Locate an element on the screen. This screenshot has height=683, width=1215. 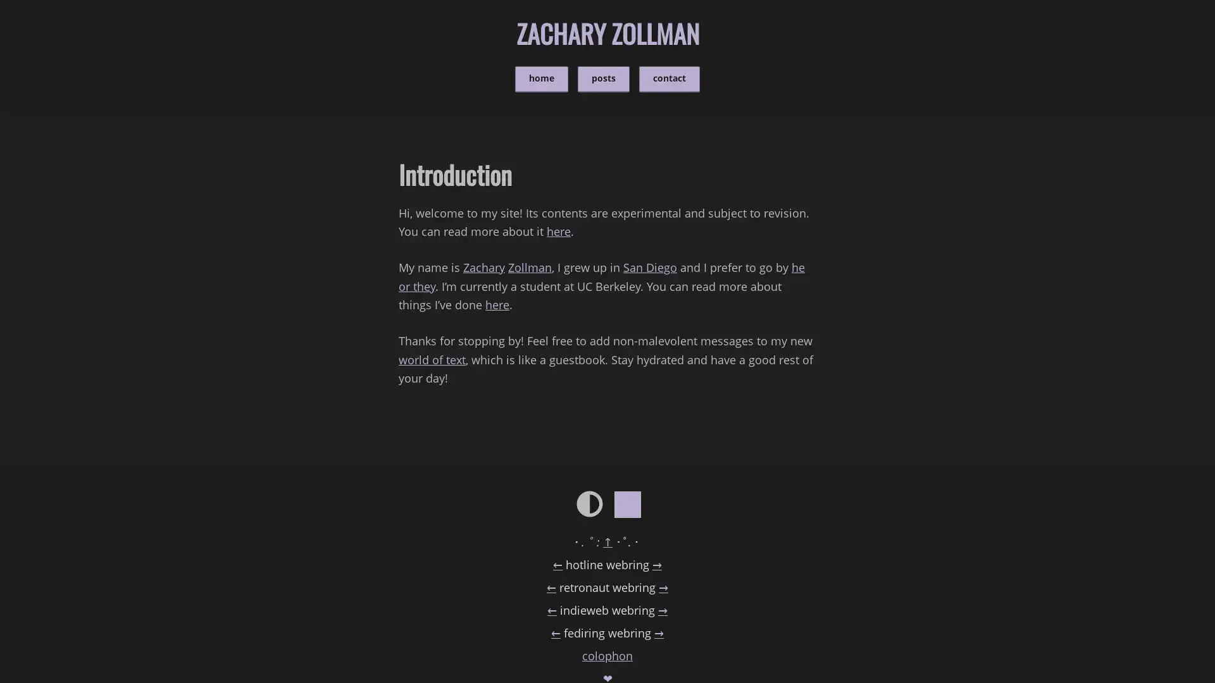
Change to light/dark mode. is located at coordinates (589, 503).